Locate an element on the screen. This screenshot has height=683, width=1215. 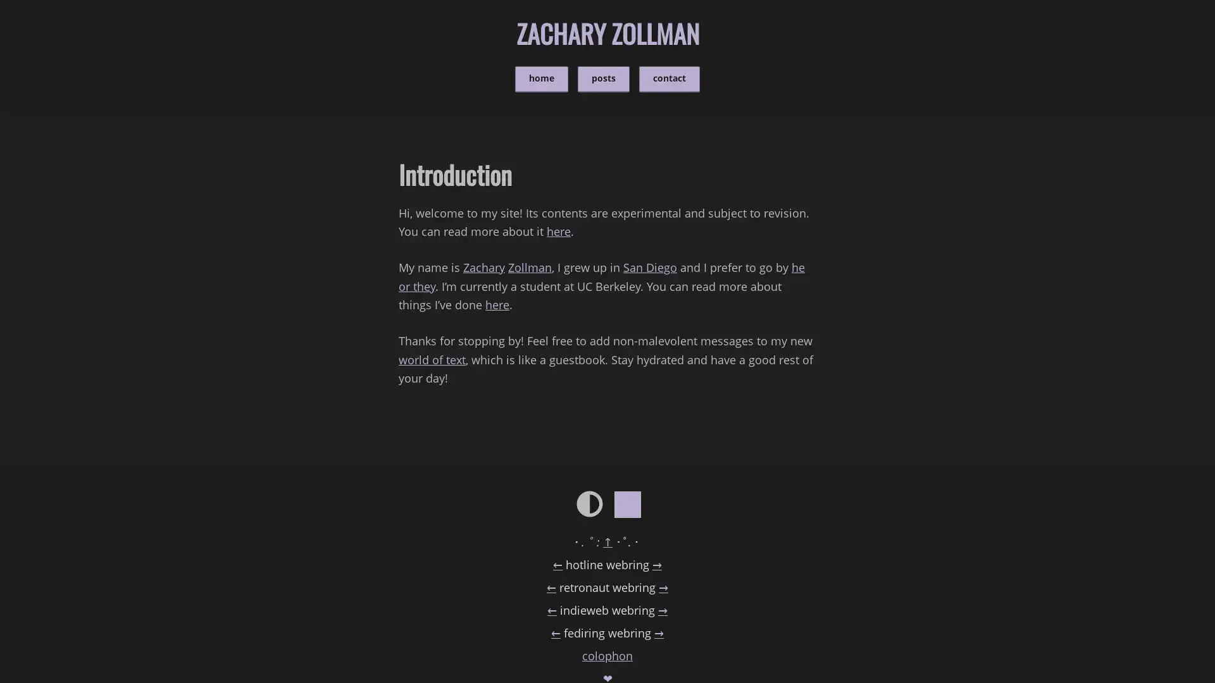
Change to light/dark mode. is located at coordinates (589, 503).